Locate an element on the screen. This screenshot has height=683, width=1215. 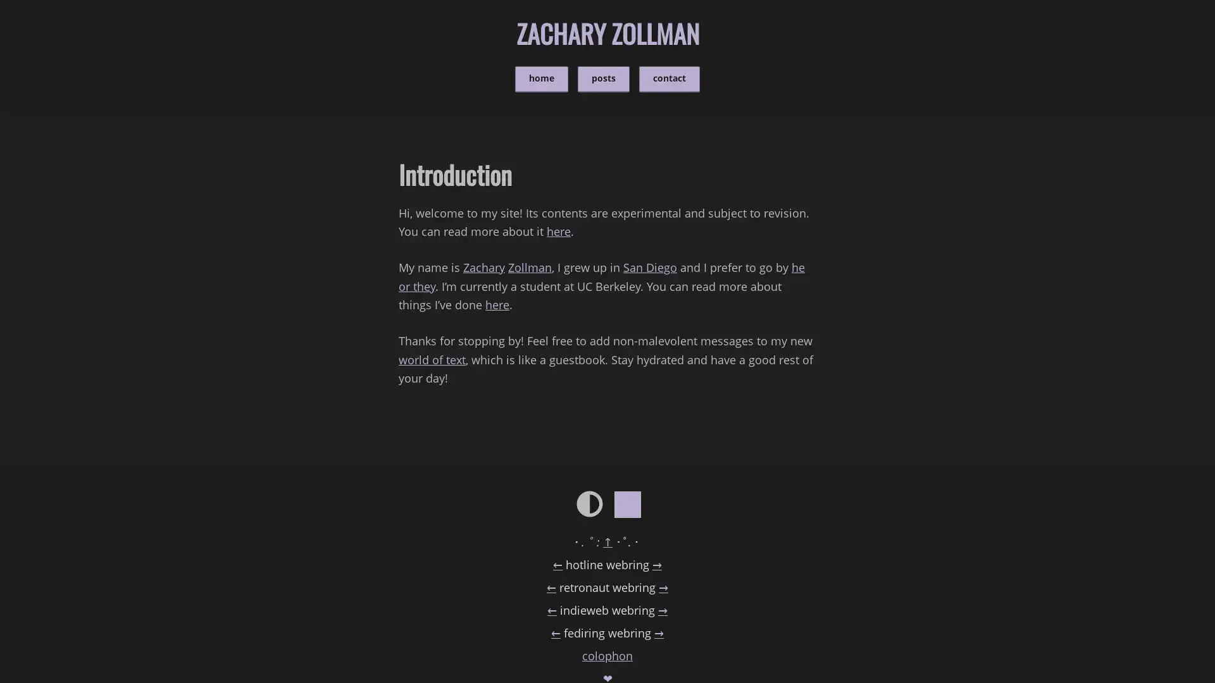
Change to light/dark mode. is located at coordinates (589, 503).